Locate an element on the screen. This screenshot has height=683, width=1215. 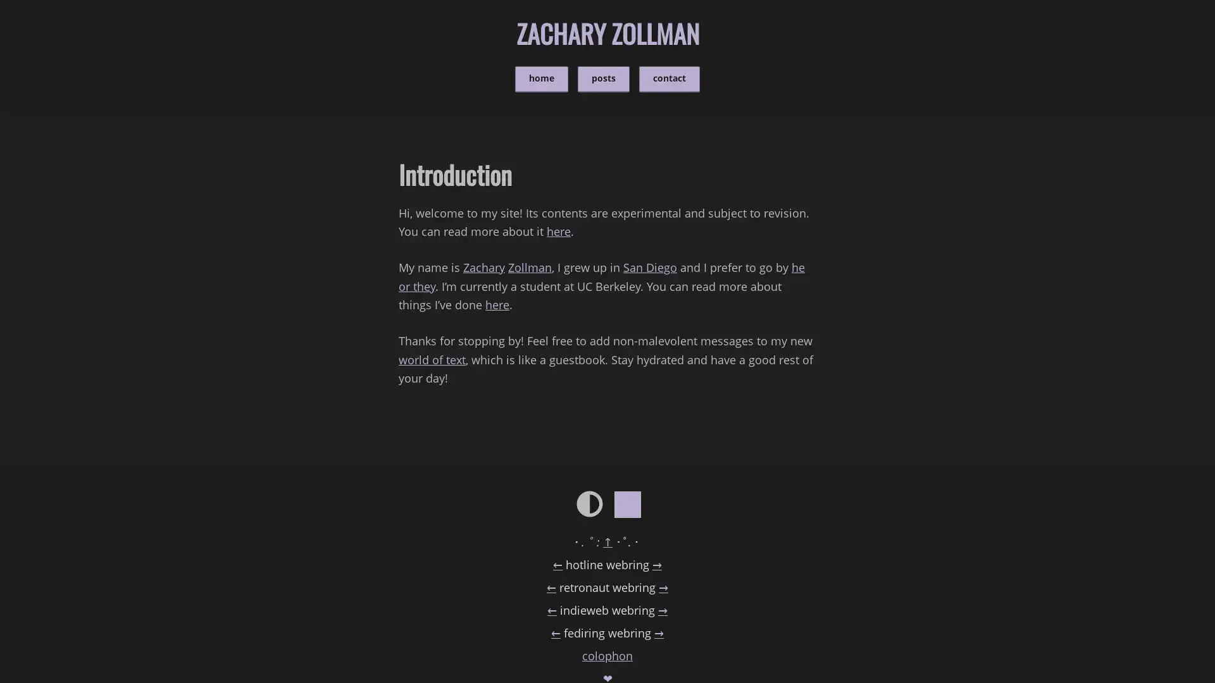
Change to light/dark mode. is located at coordinates (589, 503).